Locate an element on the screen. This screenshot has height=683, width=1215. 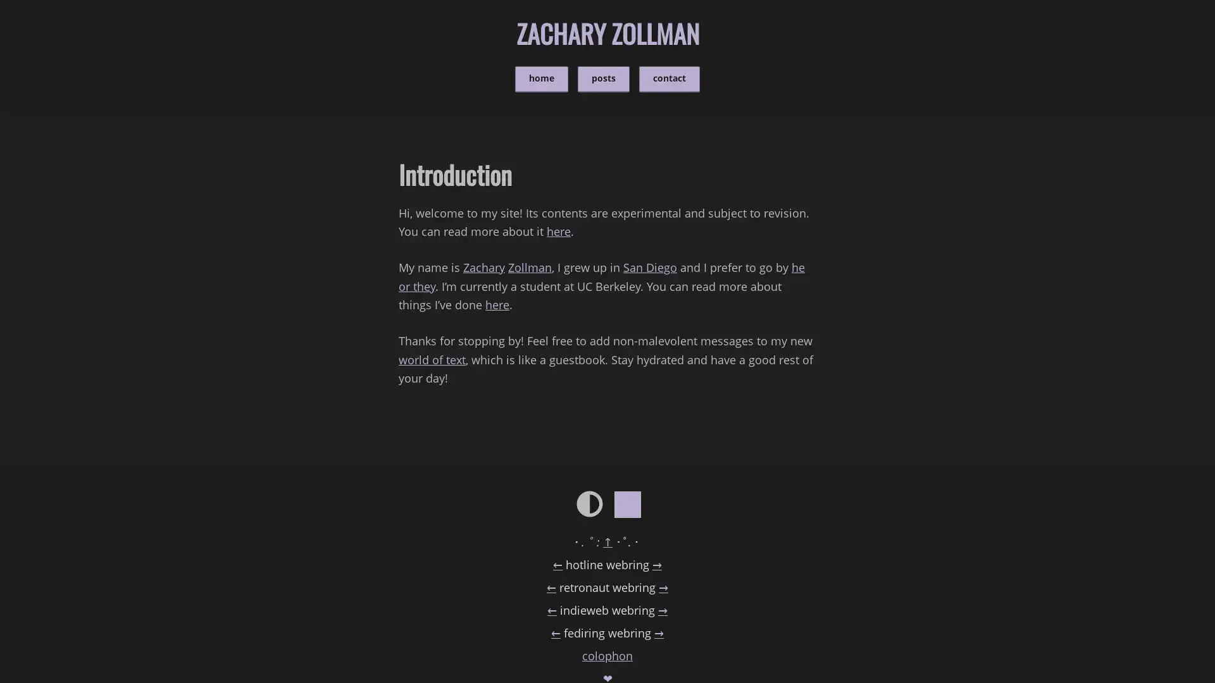
Change to light/dark mode. is located at coordinates (589, 503).